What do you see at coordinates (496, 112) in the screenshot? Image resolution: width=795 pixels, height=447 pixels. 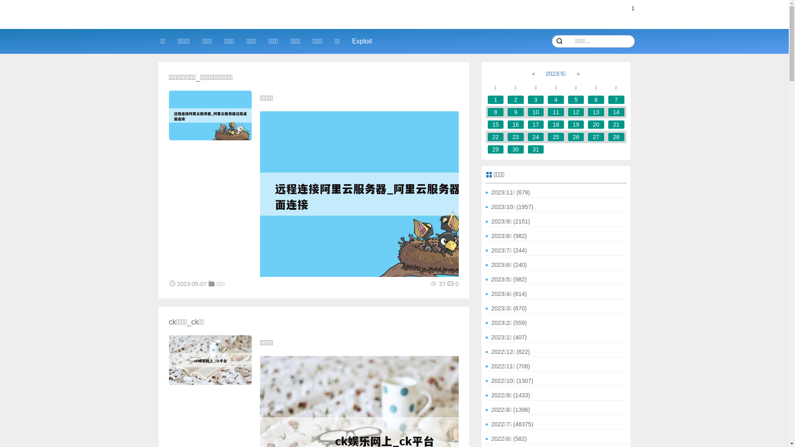 I see `'8'` at bounding box center [496, 112].